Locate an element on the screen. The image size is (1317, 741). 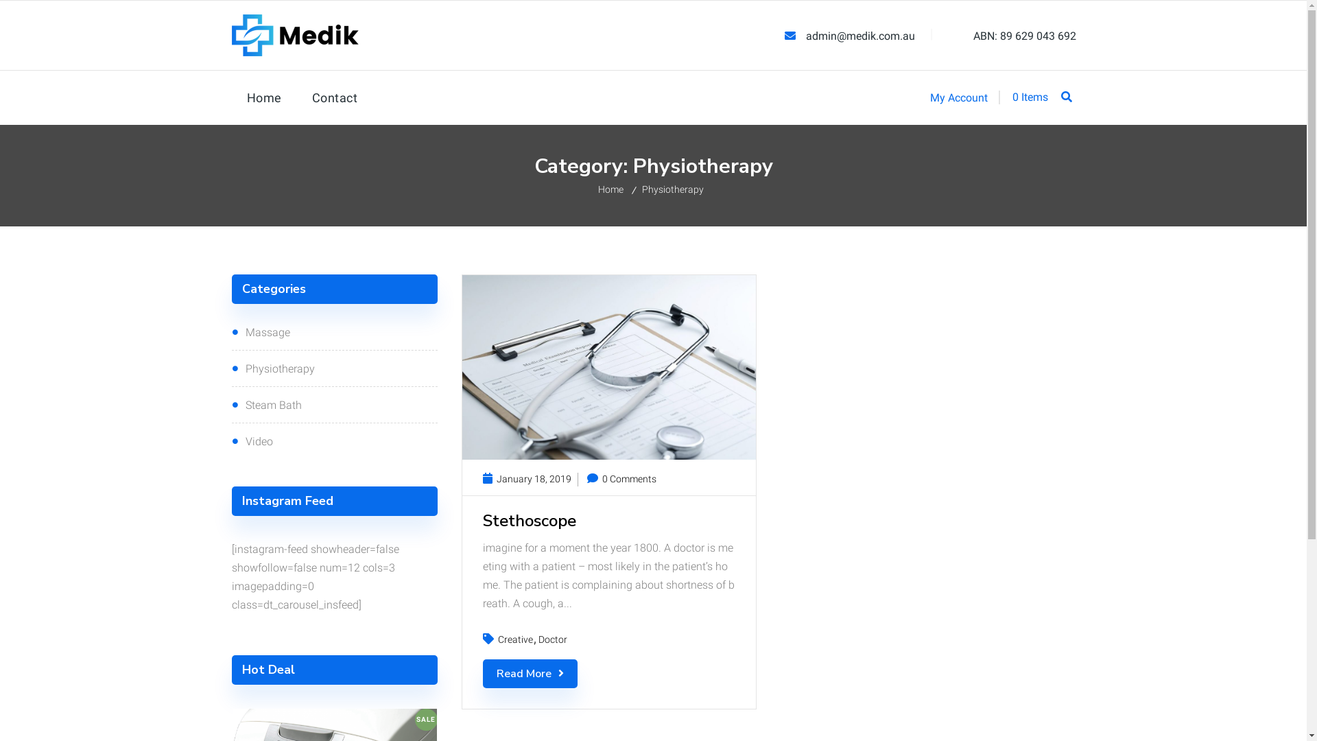
'Go' is located at coordinates (946, 371).